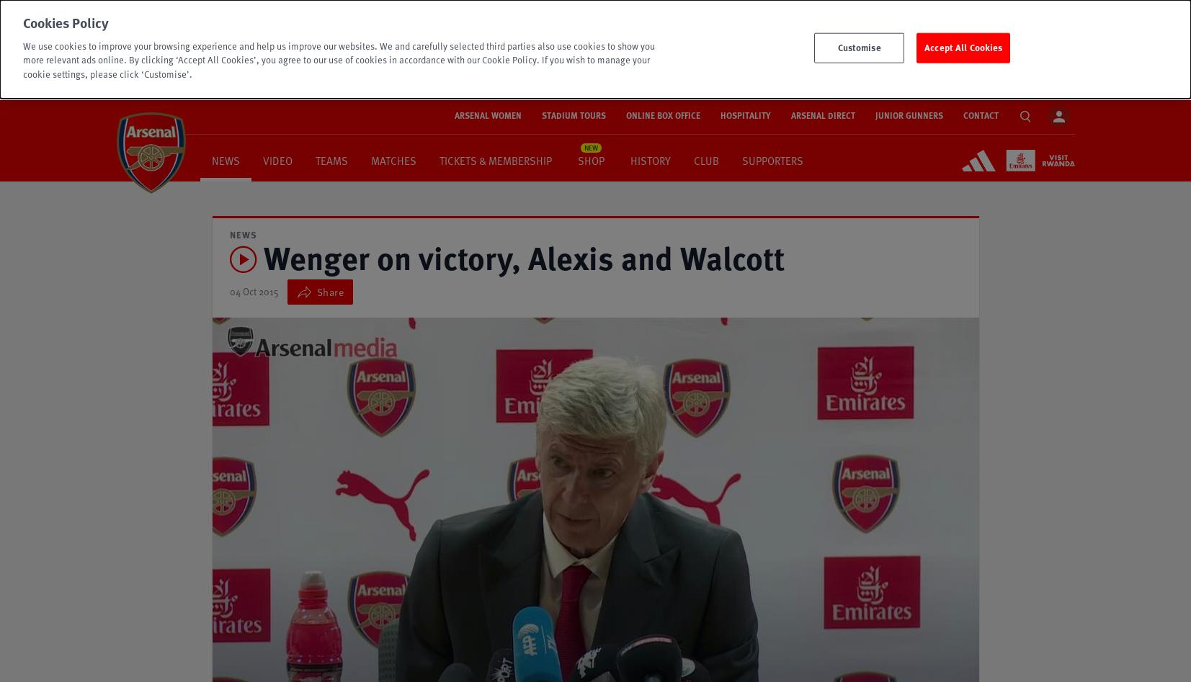 This screenshot has width=1191, height=682. I want to click on 'Club', so click(705, 159).